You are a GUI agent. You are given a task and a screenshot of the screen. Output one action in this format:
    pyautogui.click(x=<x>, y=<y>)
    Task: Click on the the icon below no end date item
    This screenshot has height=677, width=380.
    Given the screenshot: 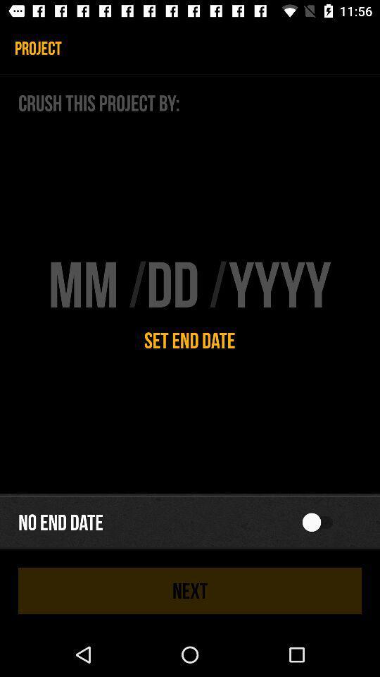 What is the action you would take?
    pyautogui.click(x=190, y=590)
    